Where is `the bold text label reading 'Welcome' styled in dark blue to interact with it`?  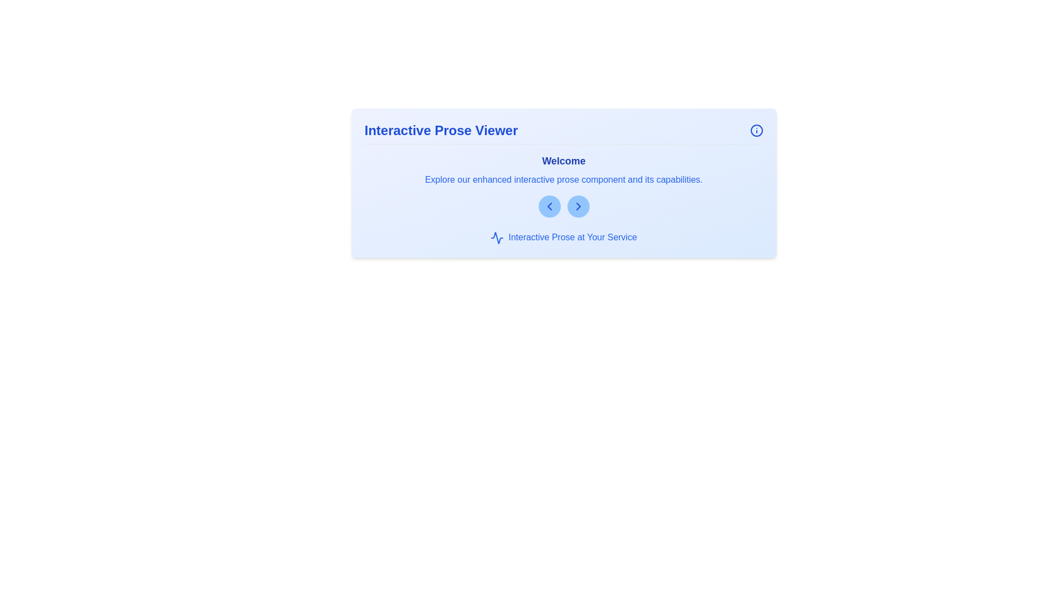 the bold text label reading 'Welcome' styled in dark blue to interact with it is located at coordinates (564, 161).